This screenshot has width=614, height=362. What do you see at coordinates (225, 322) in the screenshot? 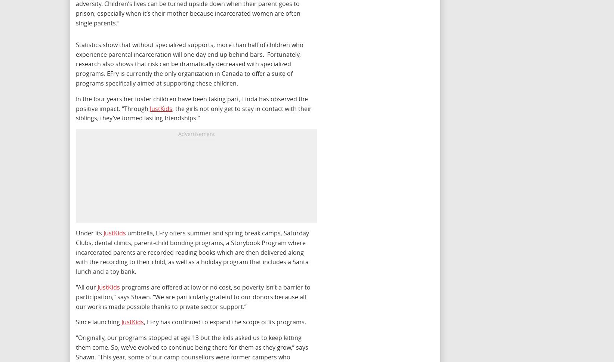
I see `', EFry has continued to expand the scope of its programs.'` at bounding box center [225, 322].